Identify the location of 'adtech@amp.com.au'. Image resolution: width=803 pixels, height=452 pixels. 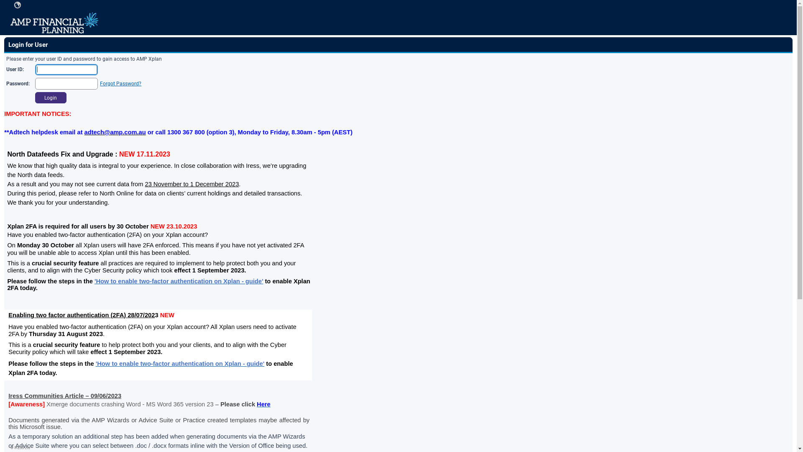
(115, 132).